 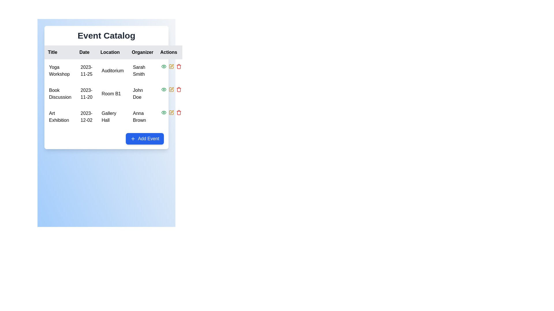 I want to click on the Text Label displaying the date for the 'Yoga Workshop' event, located in the second column of the first row of the table, so click(x=86, y=71).